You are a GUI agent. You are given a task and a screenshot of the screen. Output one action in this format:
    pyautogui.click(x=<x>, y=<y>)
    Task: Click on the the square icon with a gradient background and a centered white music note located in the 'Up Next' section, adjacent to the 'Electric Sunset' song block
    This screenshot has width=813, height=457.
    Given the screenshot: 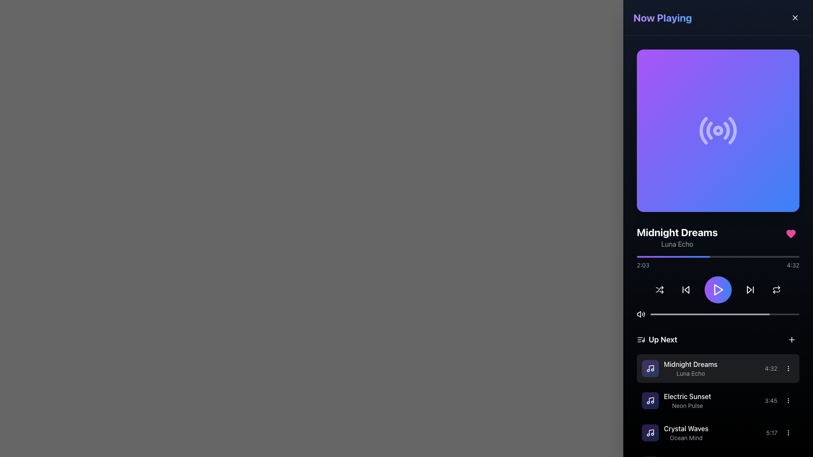 What is the action you would take?
    pyautogui.click(x=650, y=400)
    